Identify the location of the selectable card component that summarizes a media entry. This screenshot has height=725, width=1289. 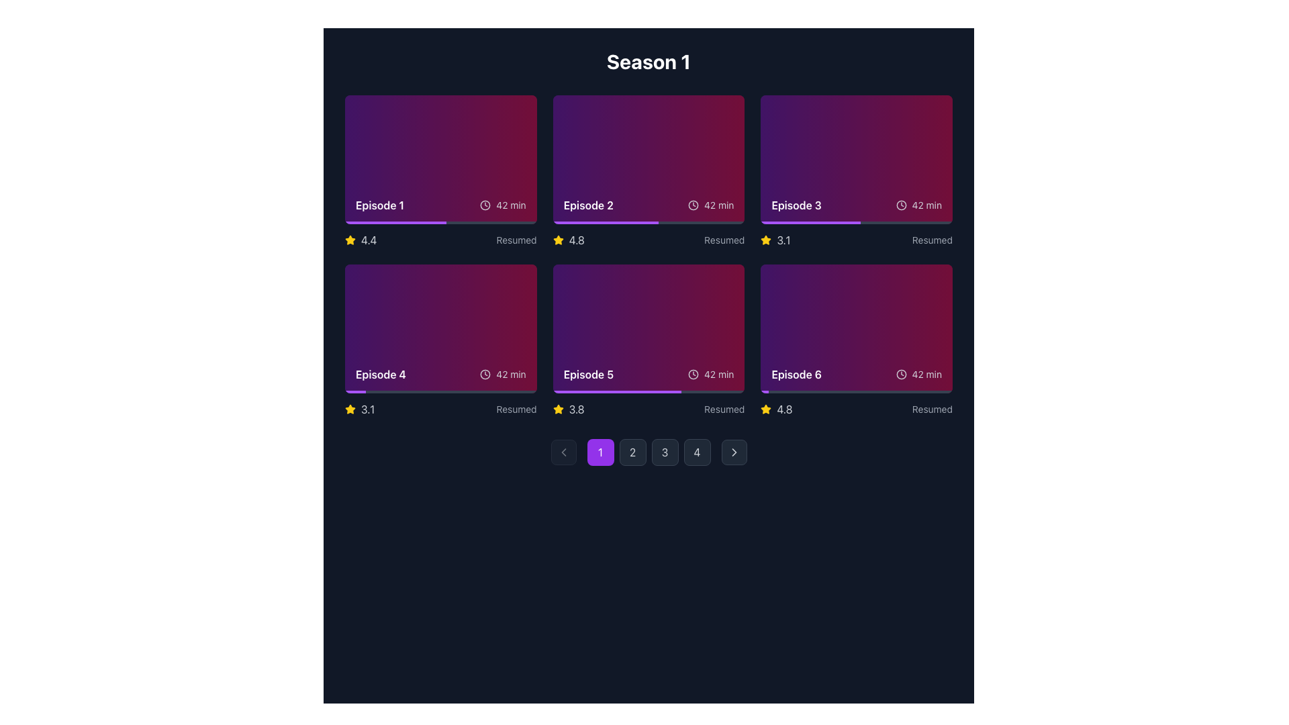
(649, 159).